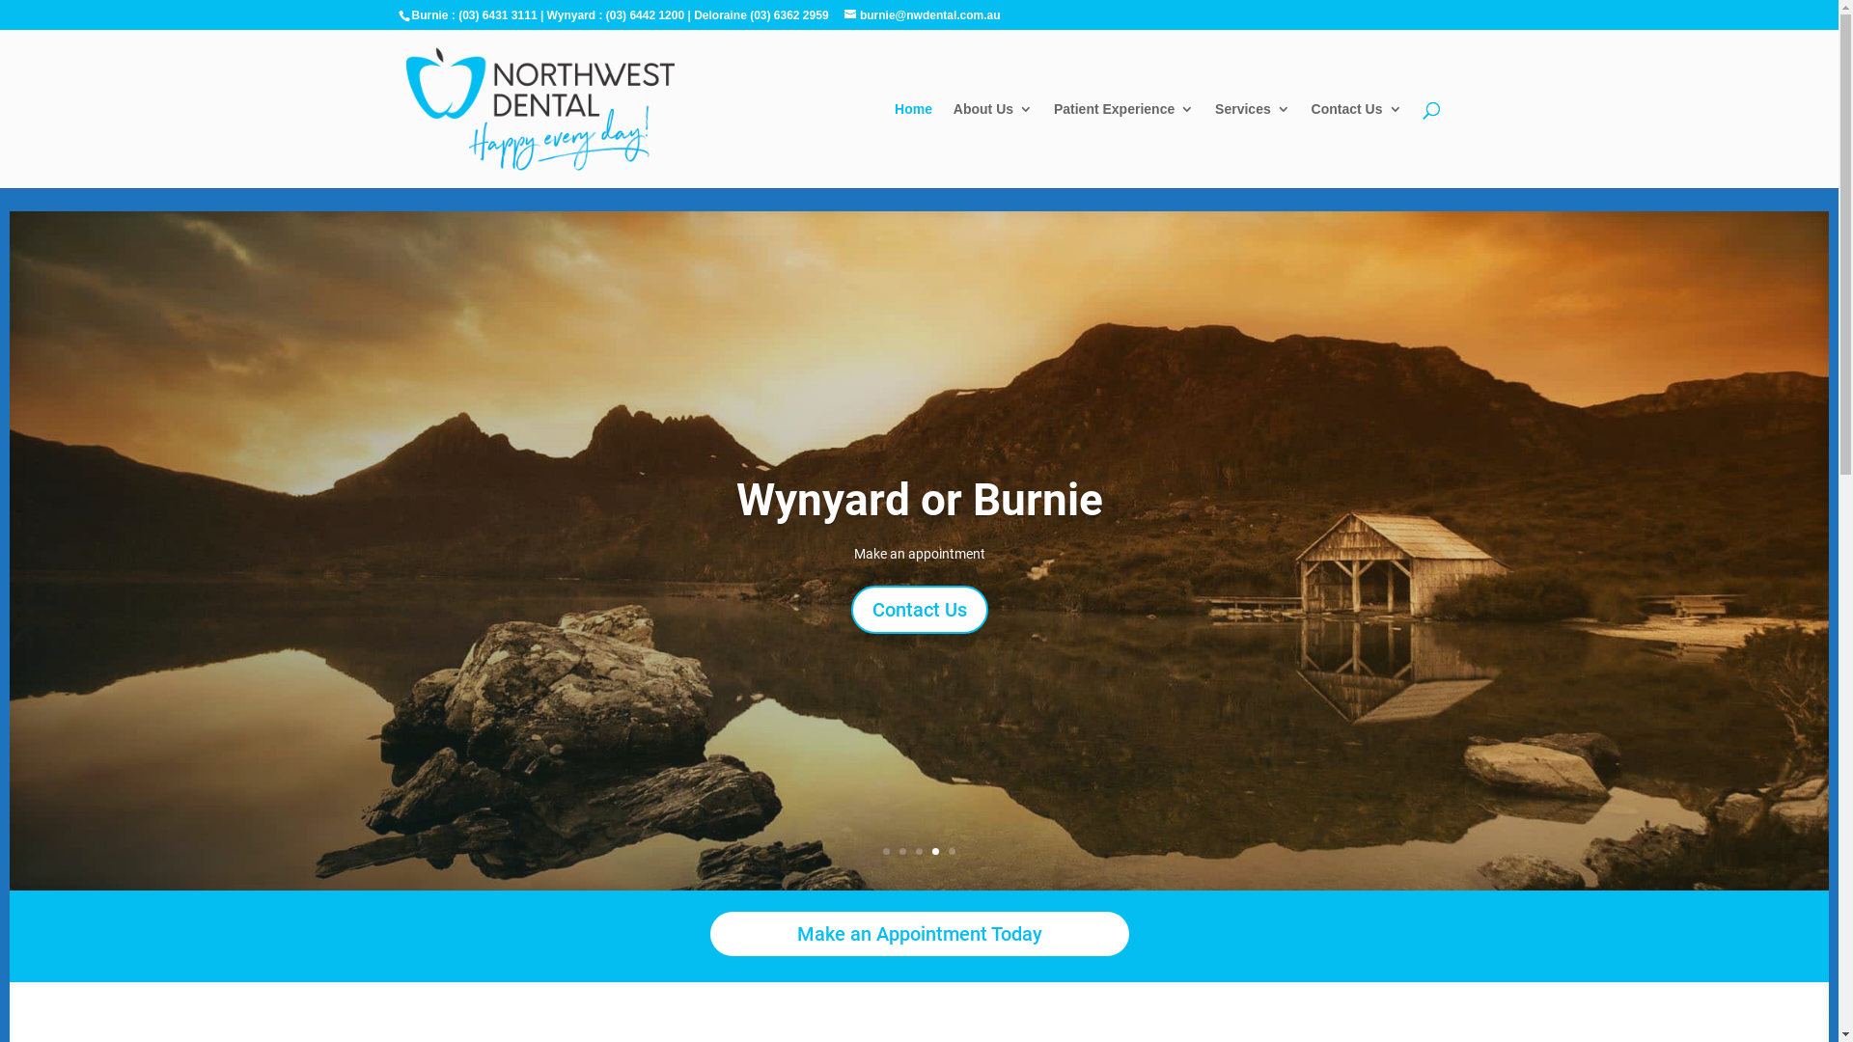 This screenshot has height=1042, width=1853. What do you see at coordinates (935, 850) in the screenshot?
I see `'4'` at bounding box center [935, 850].